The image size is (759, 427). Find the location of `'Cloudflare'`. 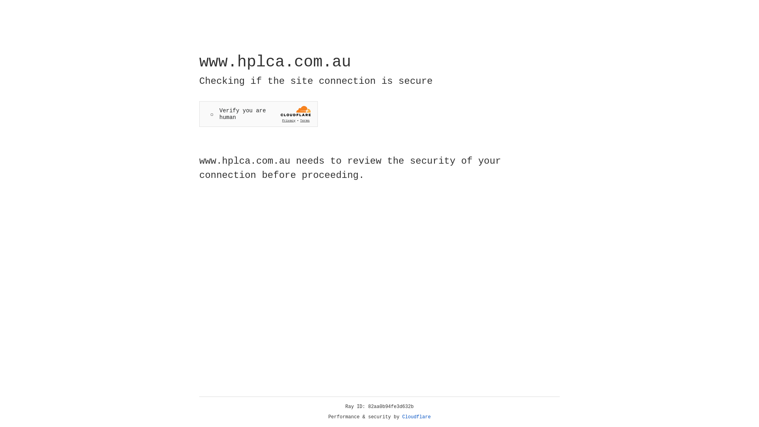

'Cloudflare' is located at coordinates (416, 417).